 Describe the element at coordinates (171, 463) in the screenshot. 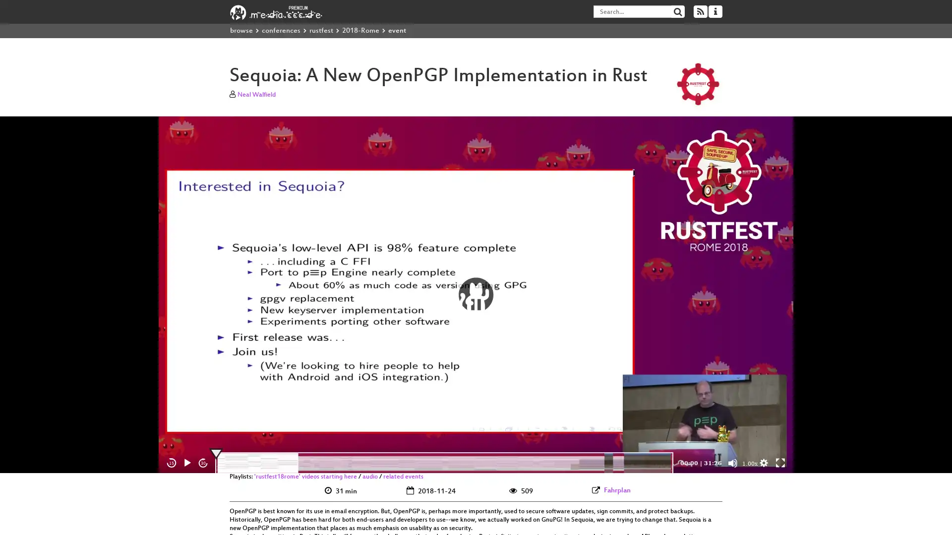

I see `Skip back 15 seconds` at that location.